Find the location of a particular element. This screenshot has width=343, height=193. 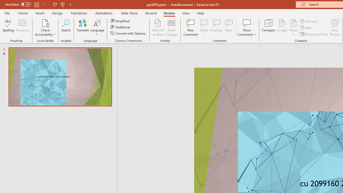

'Simplified' is located at coordinates (120, 21).